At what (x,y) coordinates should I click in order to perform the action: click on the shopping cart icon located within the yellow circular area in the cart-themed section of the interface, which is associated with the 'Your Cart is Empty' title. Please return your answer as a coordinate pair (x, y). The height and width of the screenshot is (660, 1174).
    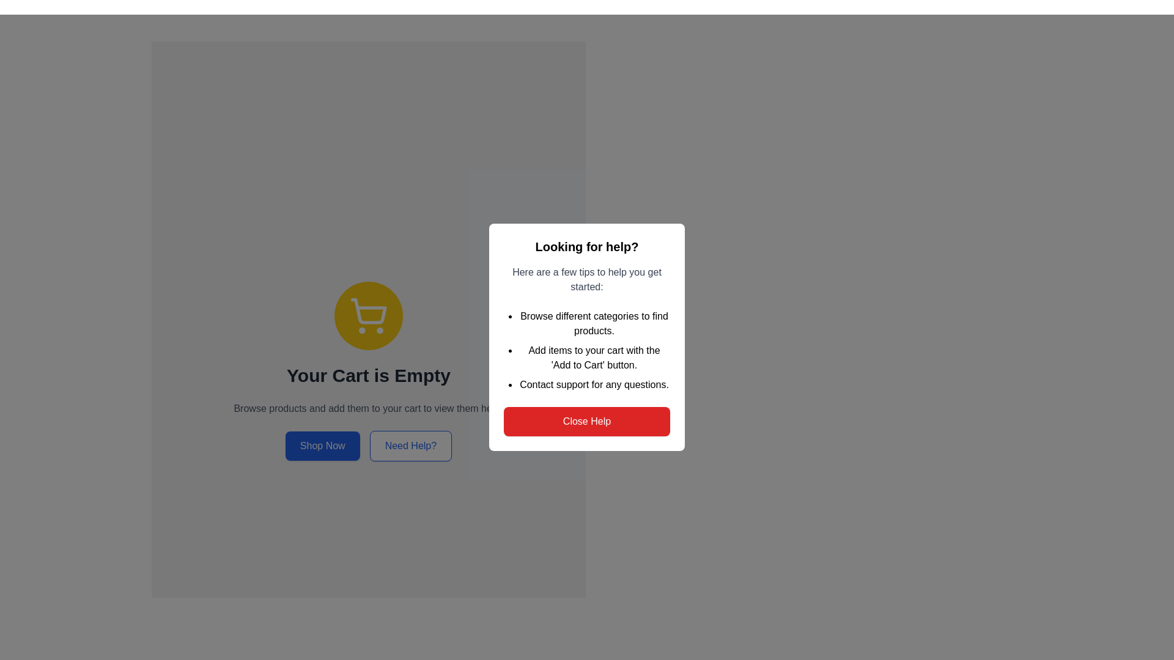
    Looking at the image, I should click on (368, 315).